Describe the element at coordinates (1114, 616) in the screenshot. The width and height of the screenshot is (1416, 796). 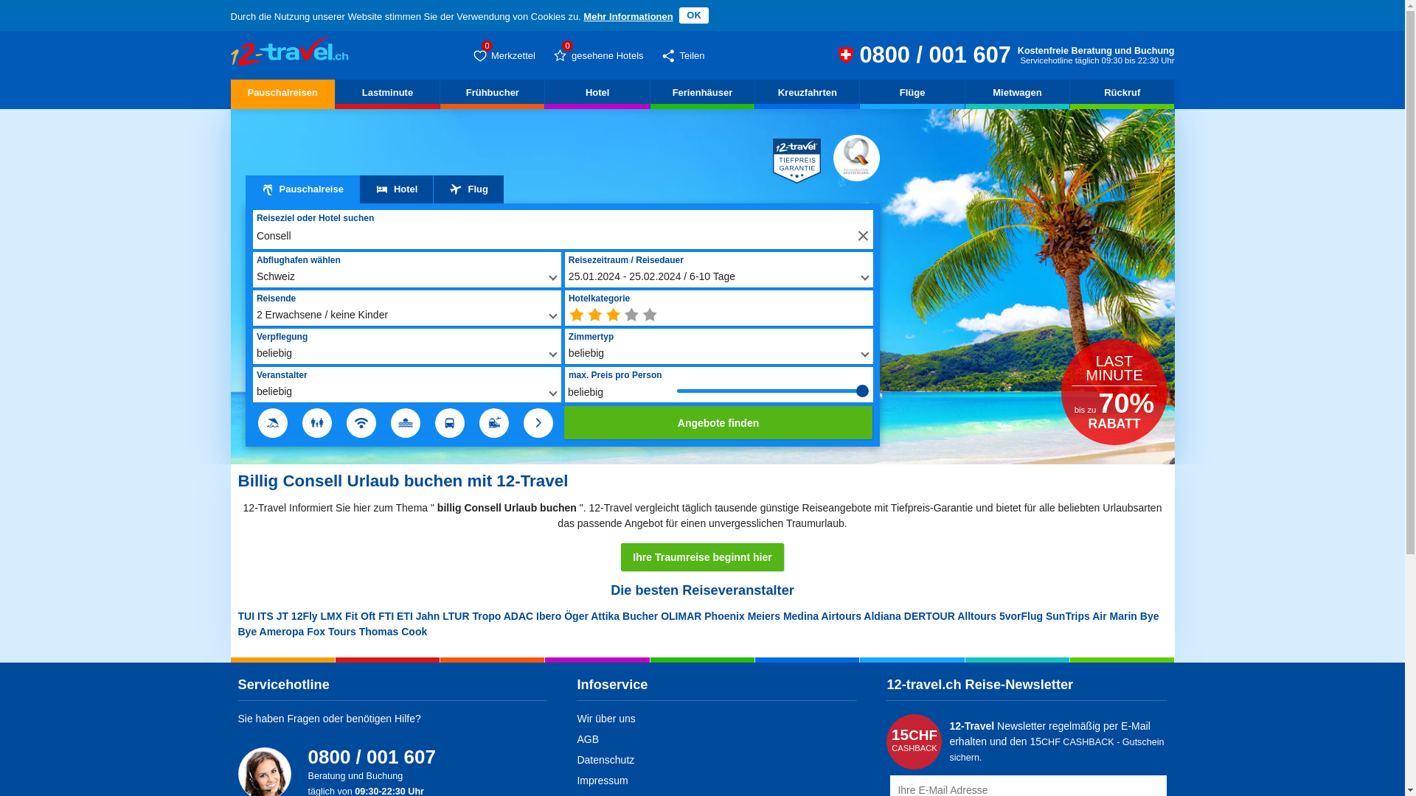
I see `'Air Marin'` at that location.